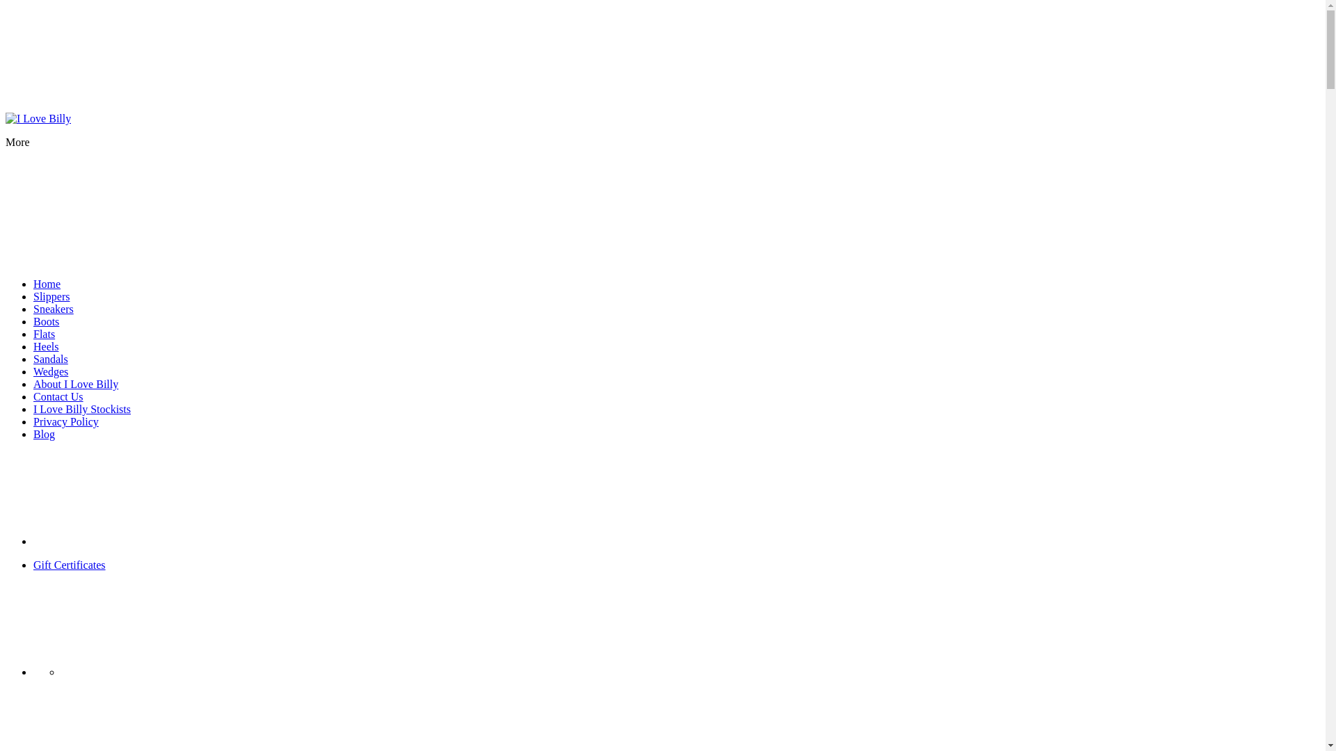 This screenshot has height=751, width=1336. What do you see at coordinates (137, 540) in the screenshot?
I see `'Show All'` at bounding box center [137, 540].